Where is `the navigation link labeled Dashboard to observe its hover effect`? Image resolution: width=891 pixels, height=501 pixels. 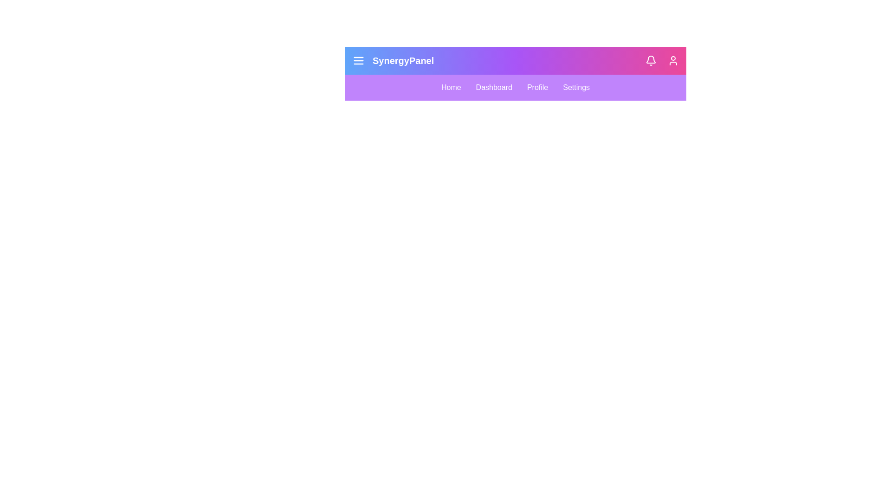 the navigation link labeled Dashboard to observe its hover effect is located at coordinates (493, 88).